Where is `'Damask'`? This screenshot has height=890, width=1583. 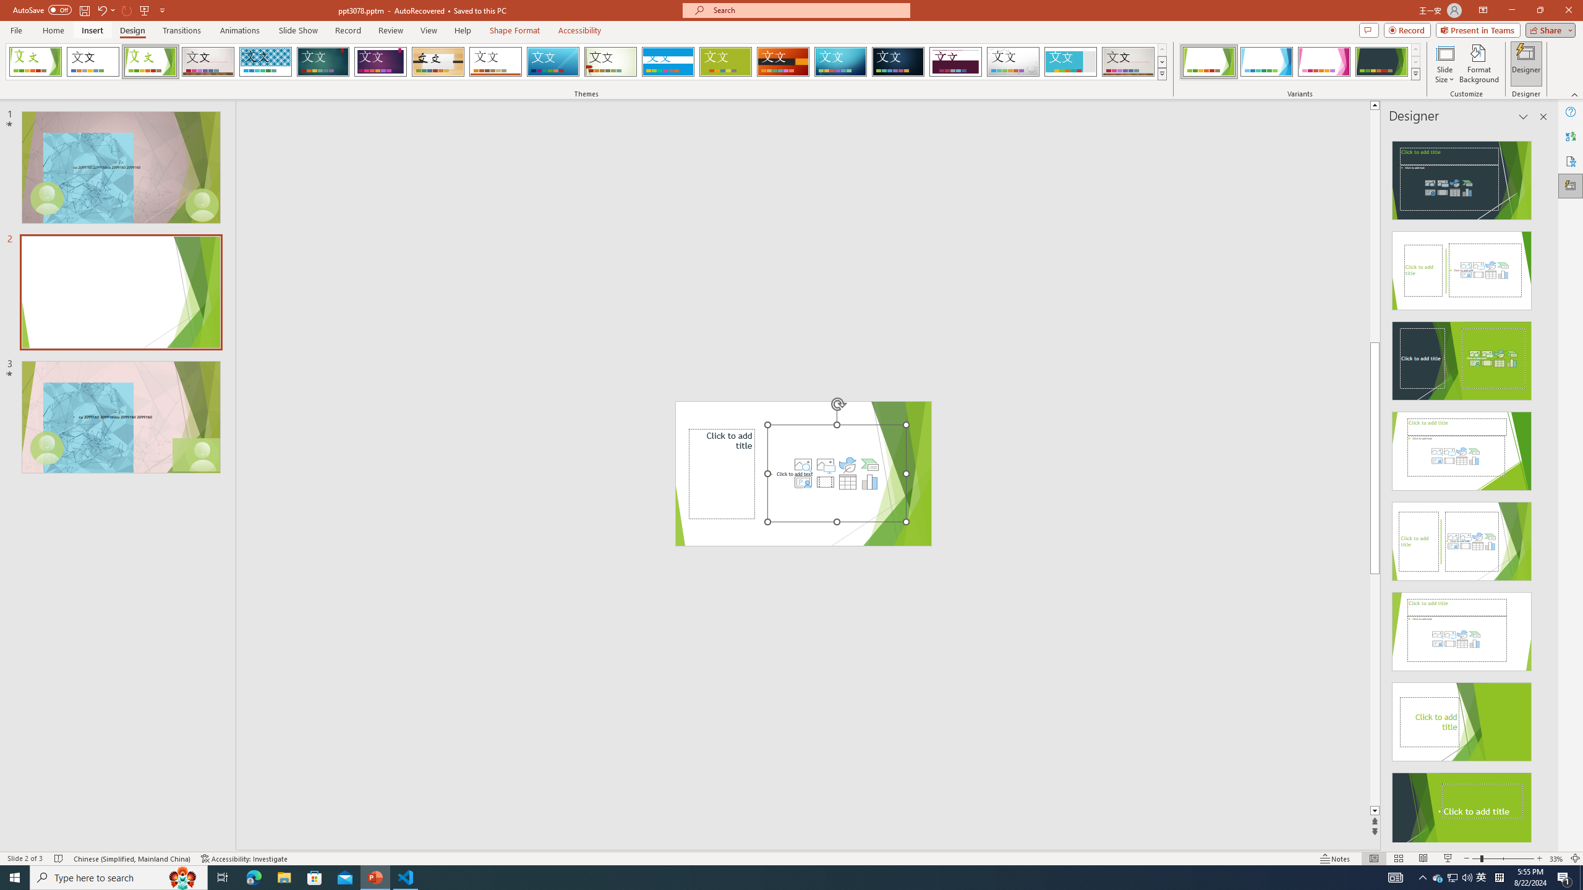 'Damask' is located at coordinates (897, 61).